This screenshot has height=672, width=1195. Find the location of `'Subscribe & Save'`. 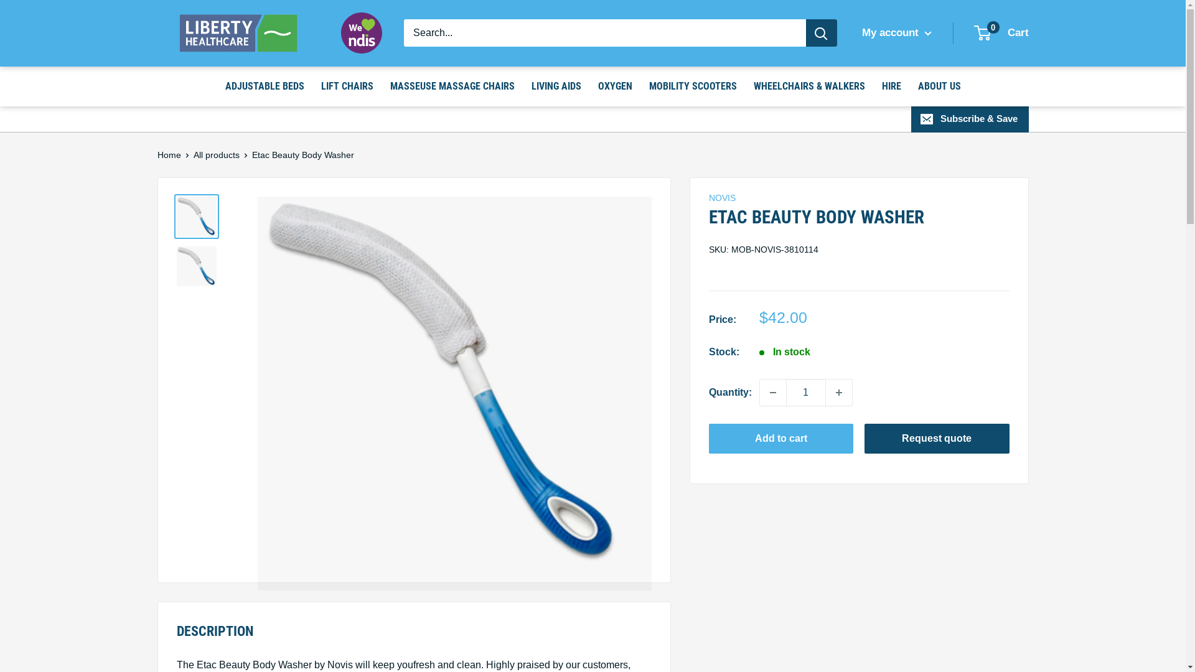

'Subscribe & Save' is located at coordinates (969, 119).